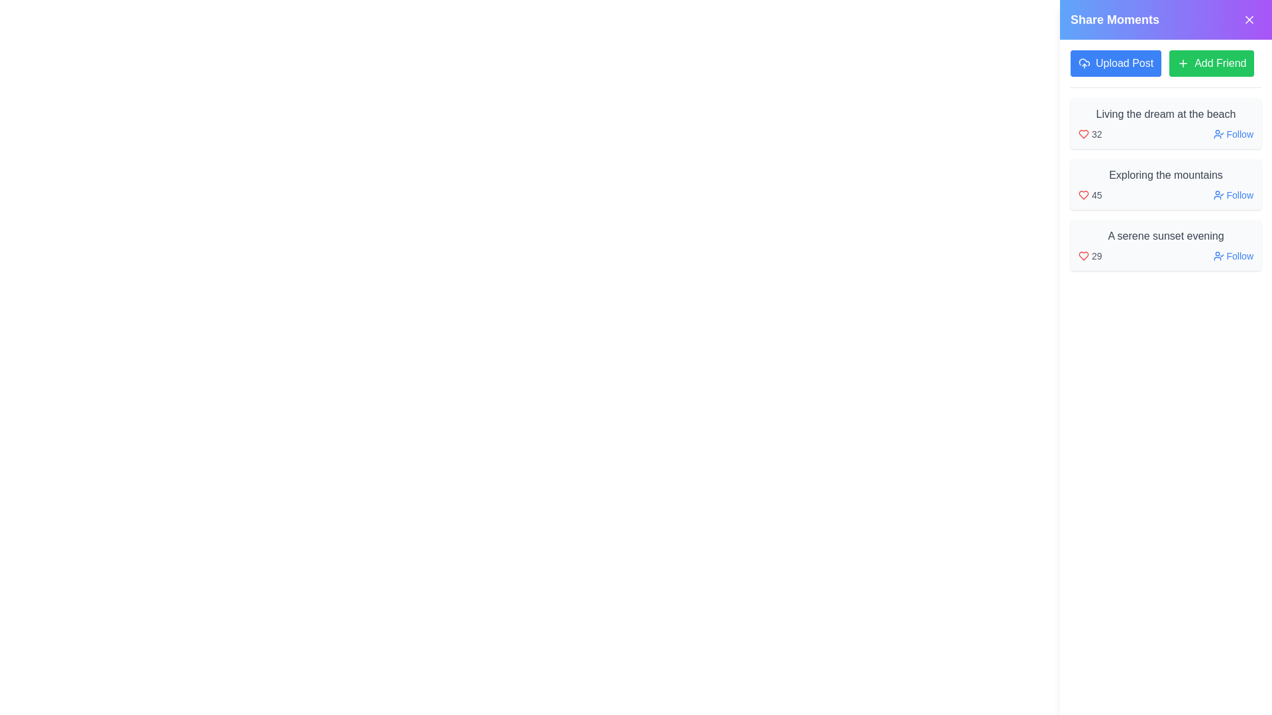 This screenshot has width=1272, height=715. I want to click on the small heart icon rendered in a red stroke, positioned next to the number '29' in the 'Share Moments' section, specifically in the third listing titled 'A serene sunset evening', so click(1084, 256).